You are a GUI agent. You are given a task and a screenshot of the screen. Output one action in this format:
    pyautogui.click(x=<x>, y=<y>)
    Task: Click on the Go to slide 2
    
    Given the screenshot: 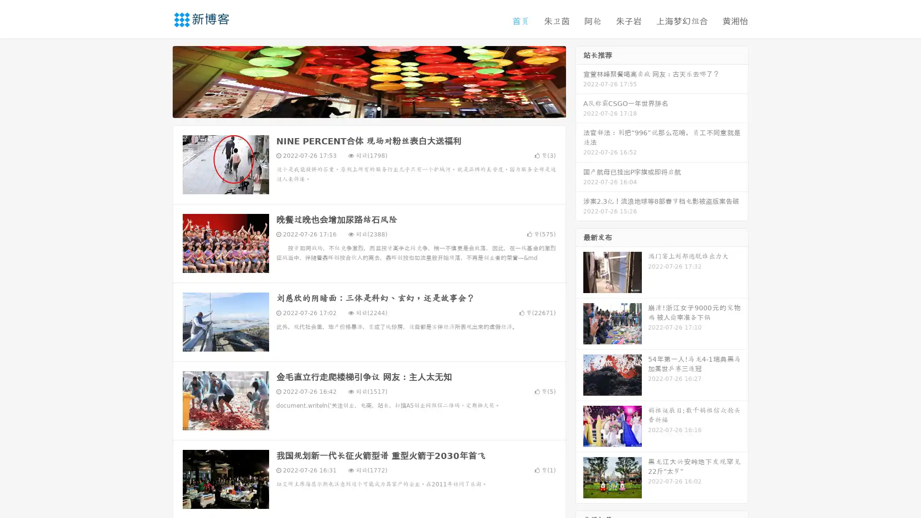 What is the action you would take?
    pyautogui.click(x=368, y=108)
    